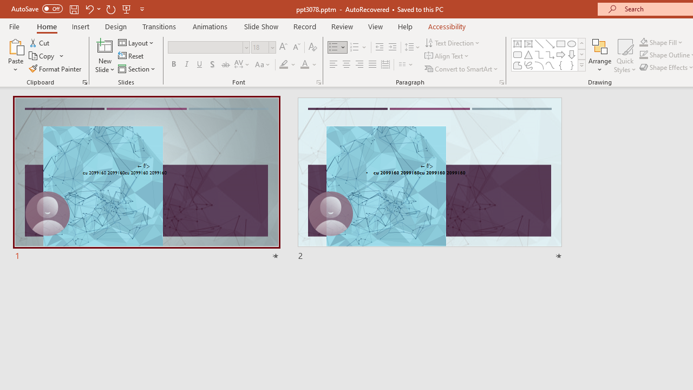 Image resolution: width=693 pixels, height=390 pixels. Describe the element at coordinates (528, 54) in the screenshot. I see `'Isosceles Triangle'` at that location.